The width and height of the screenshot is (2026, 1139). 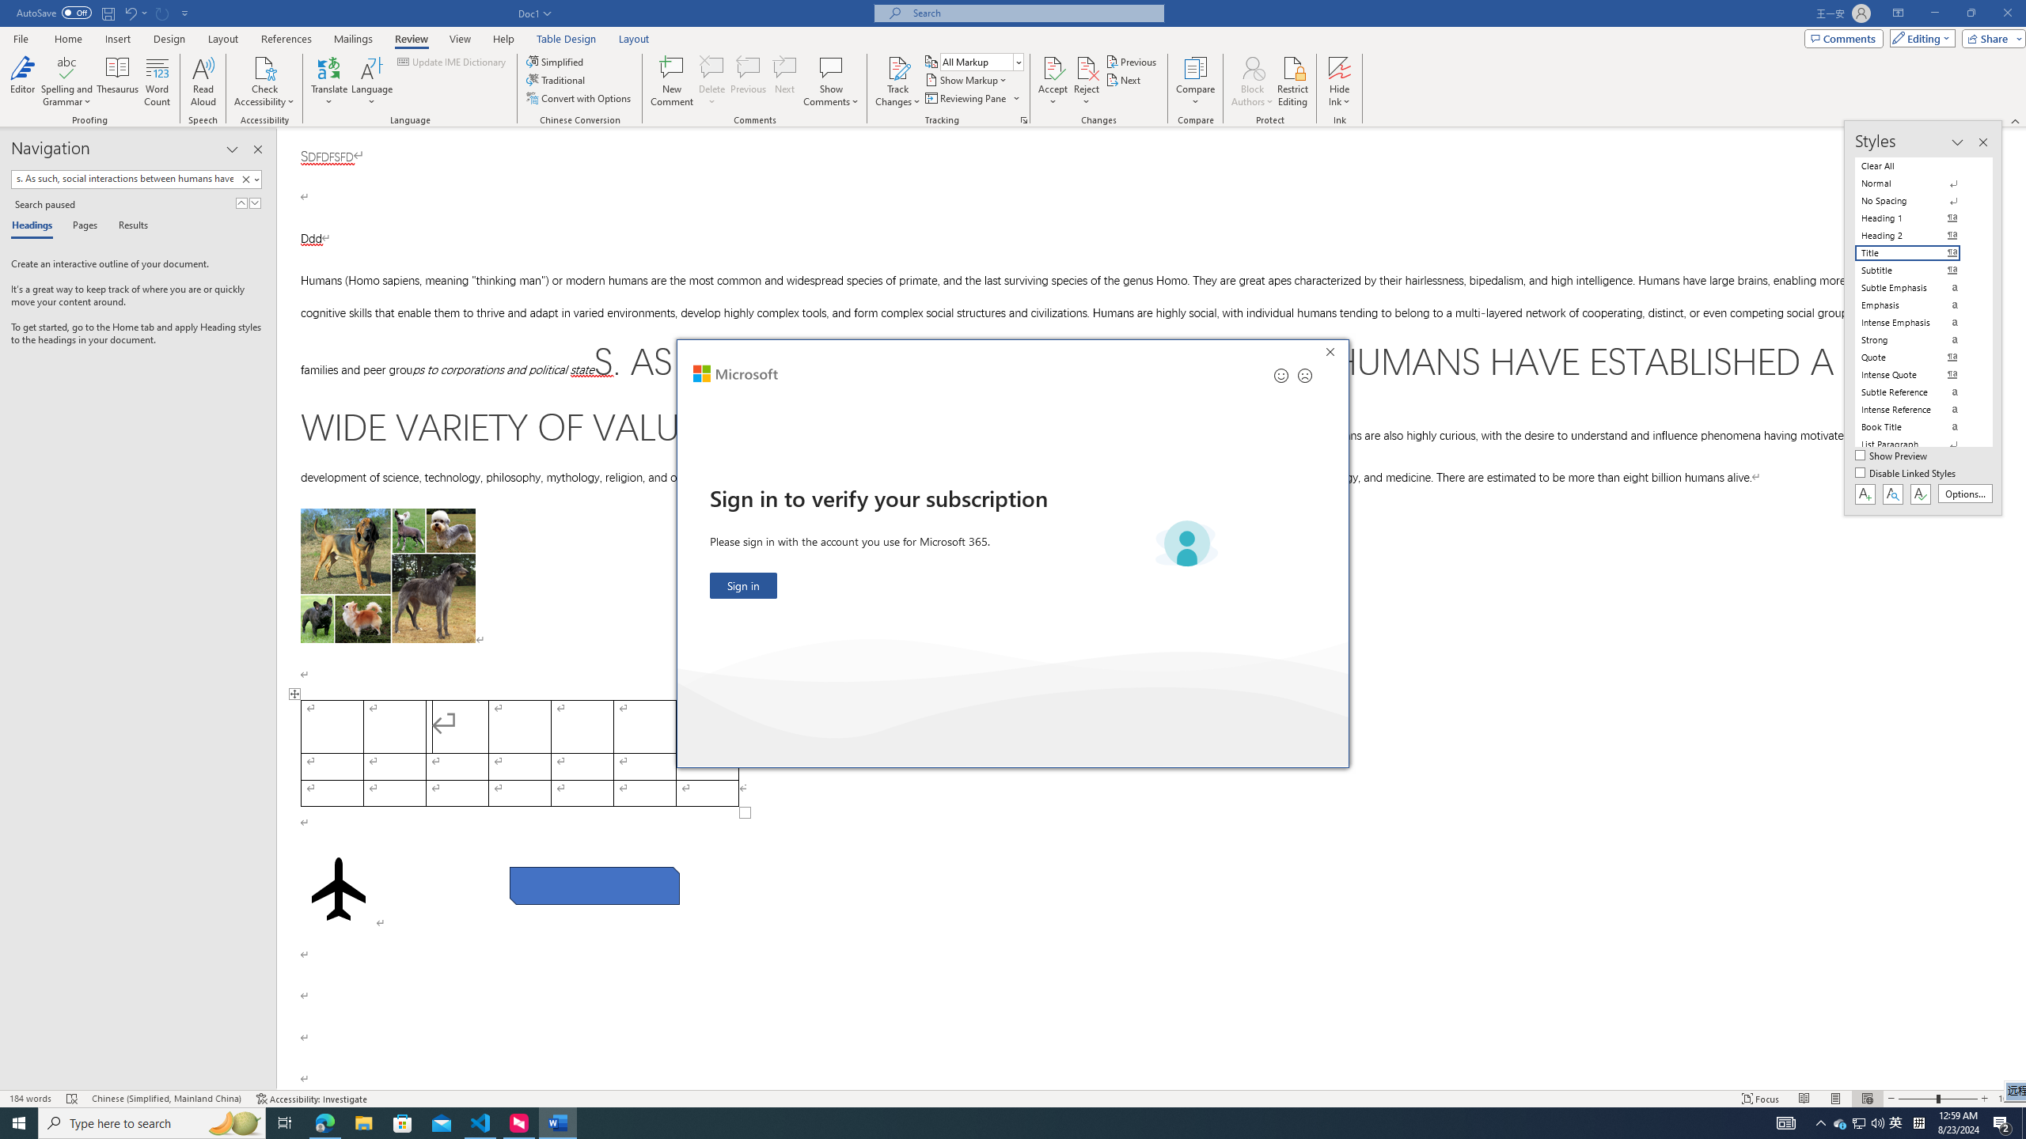 What do you see at coordinates (971, 96) in the screenshot?
I see `'Reviewing Pane'` at bounding box center [971, 96].